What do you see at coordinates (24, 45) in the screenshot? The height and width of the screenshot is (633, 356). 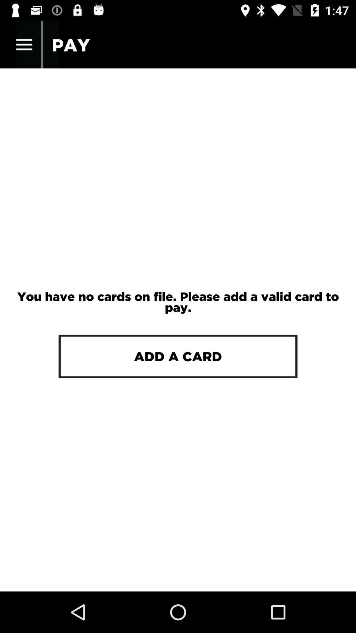 I see `the item next to the pay` at bounding box center [24, 45].